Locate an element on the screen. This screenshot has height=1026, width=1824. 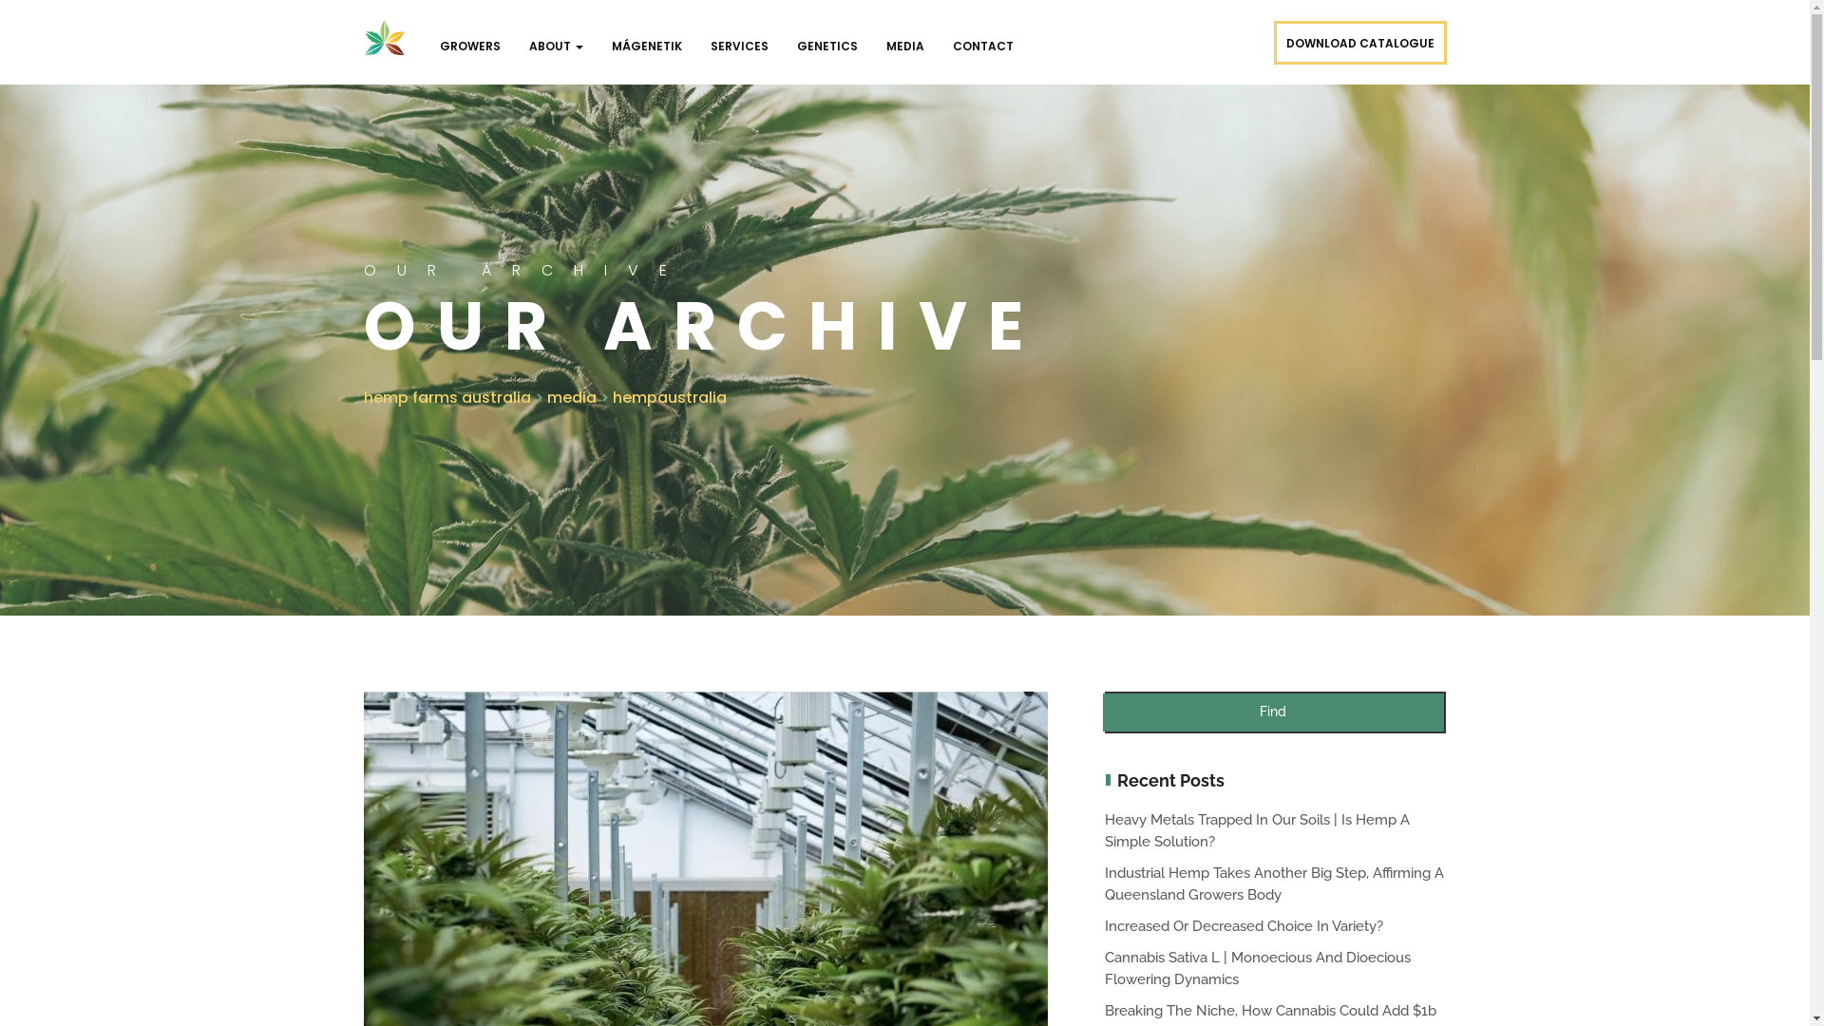
'MEDIA' is located at coordinates (880, 46).